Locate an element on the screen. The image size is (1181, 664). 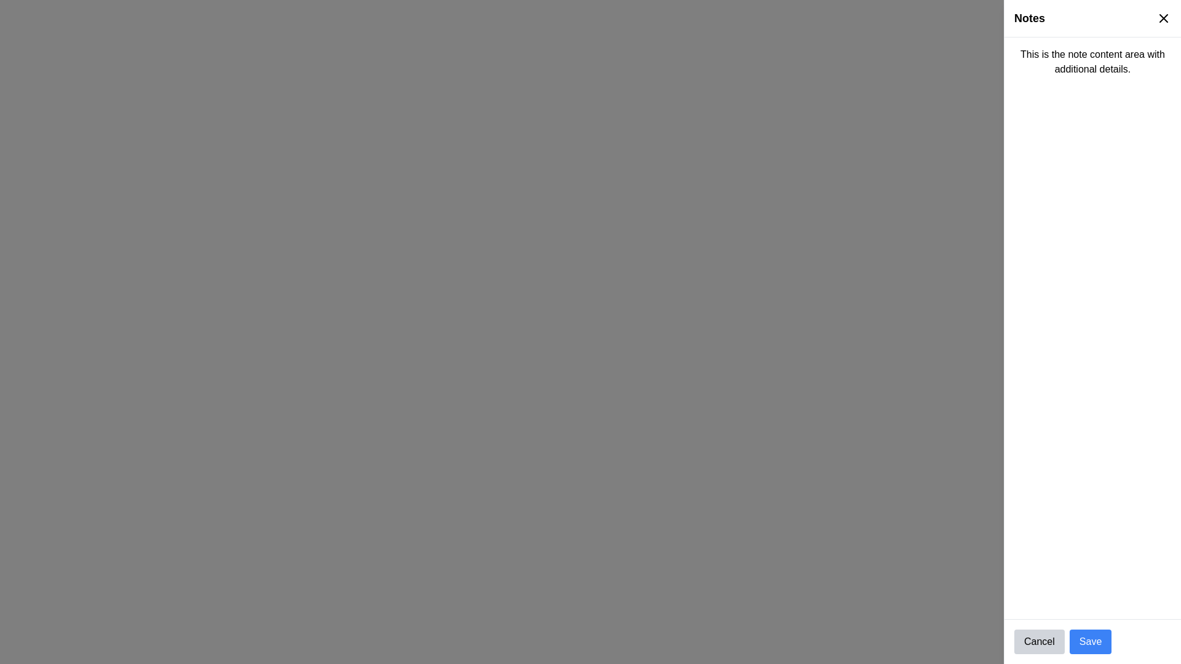
the cancel button located in the lower-right corner of the interface to observe any hover effects that may be implemented is located at coordinates (1038, 641).